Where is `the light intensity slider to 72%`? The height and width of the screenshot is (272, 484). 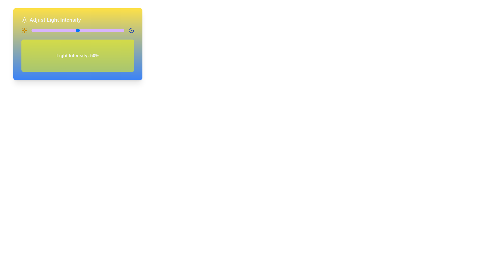
the light intensity slider to 72% is located at coordinates (98, 30).